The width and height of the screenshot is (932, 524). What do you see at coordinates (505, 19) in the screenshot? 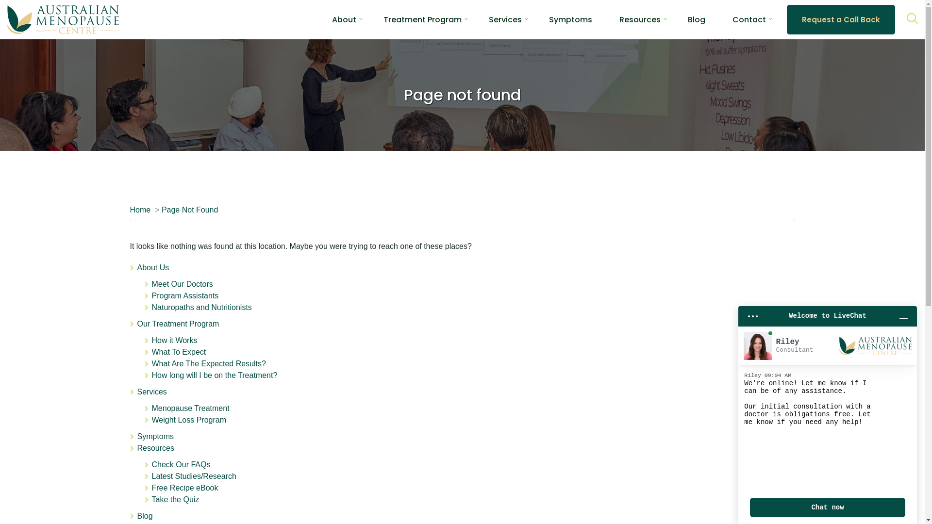
I see `'Services'` at bounding box center [505, 19].